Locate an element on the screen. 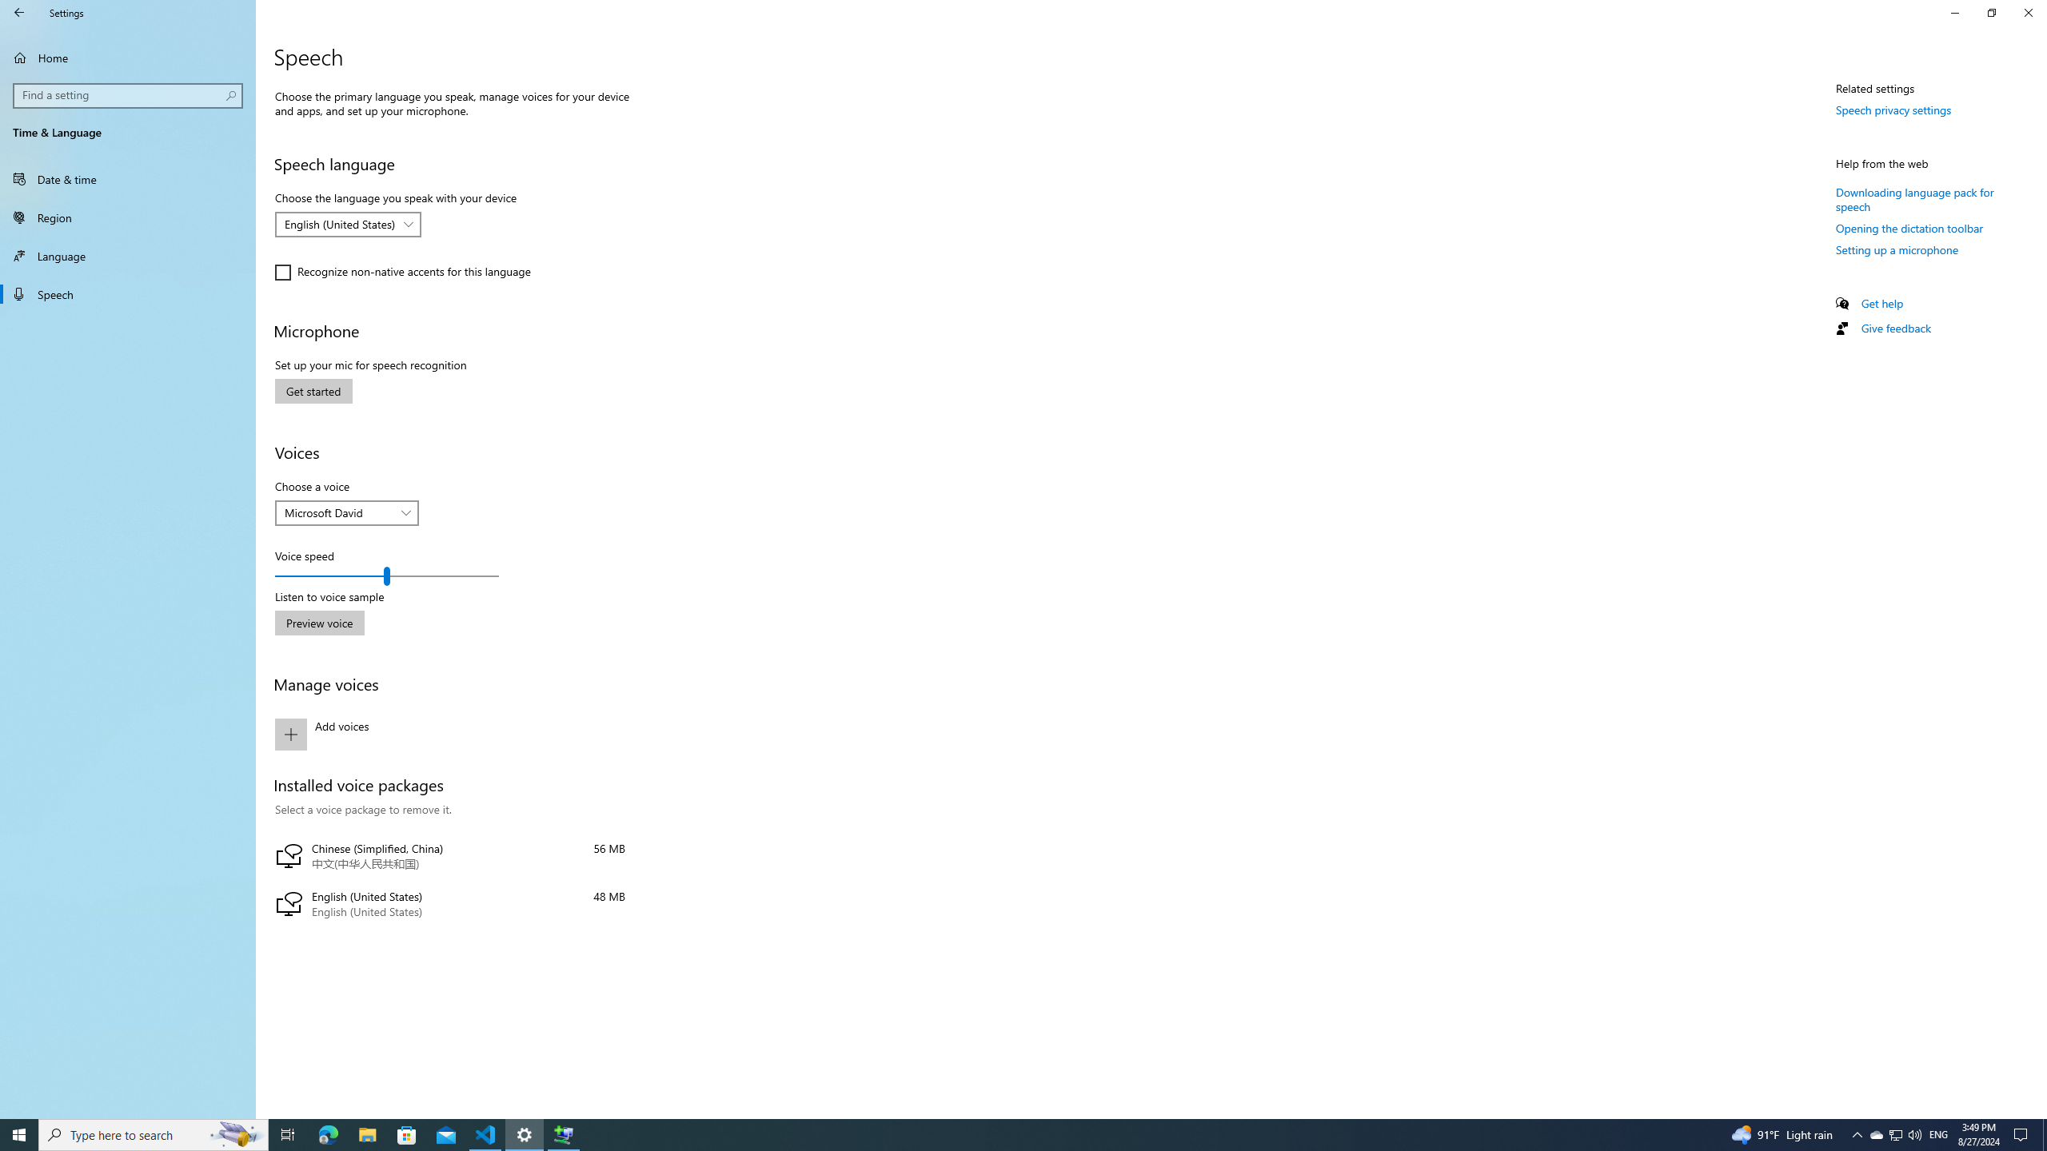  'Give feedback' is located at coordinates (1894, 327).